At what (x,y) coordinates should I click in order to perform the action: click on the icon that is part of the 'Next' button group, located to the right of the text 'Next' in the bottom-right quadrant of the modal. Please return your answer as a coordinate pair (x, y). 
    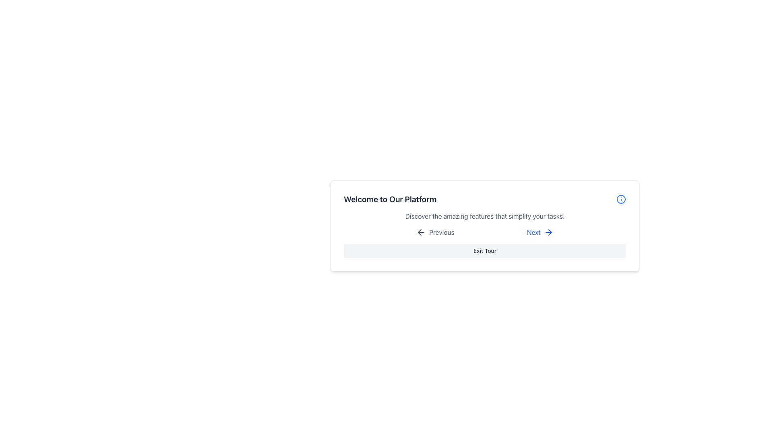
    Looking at the image, I should click on (548, 232).